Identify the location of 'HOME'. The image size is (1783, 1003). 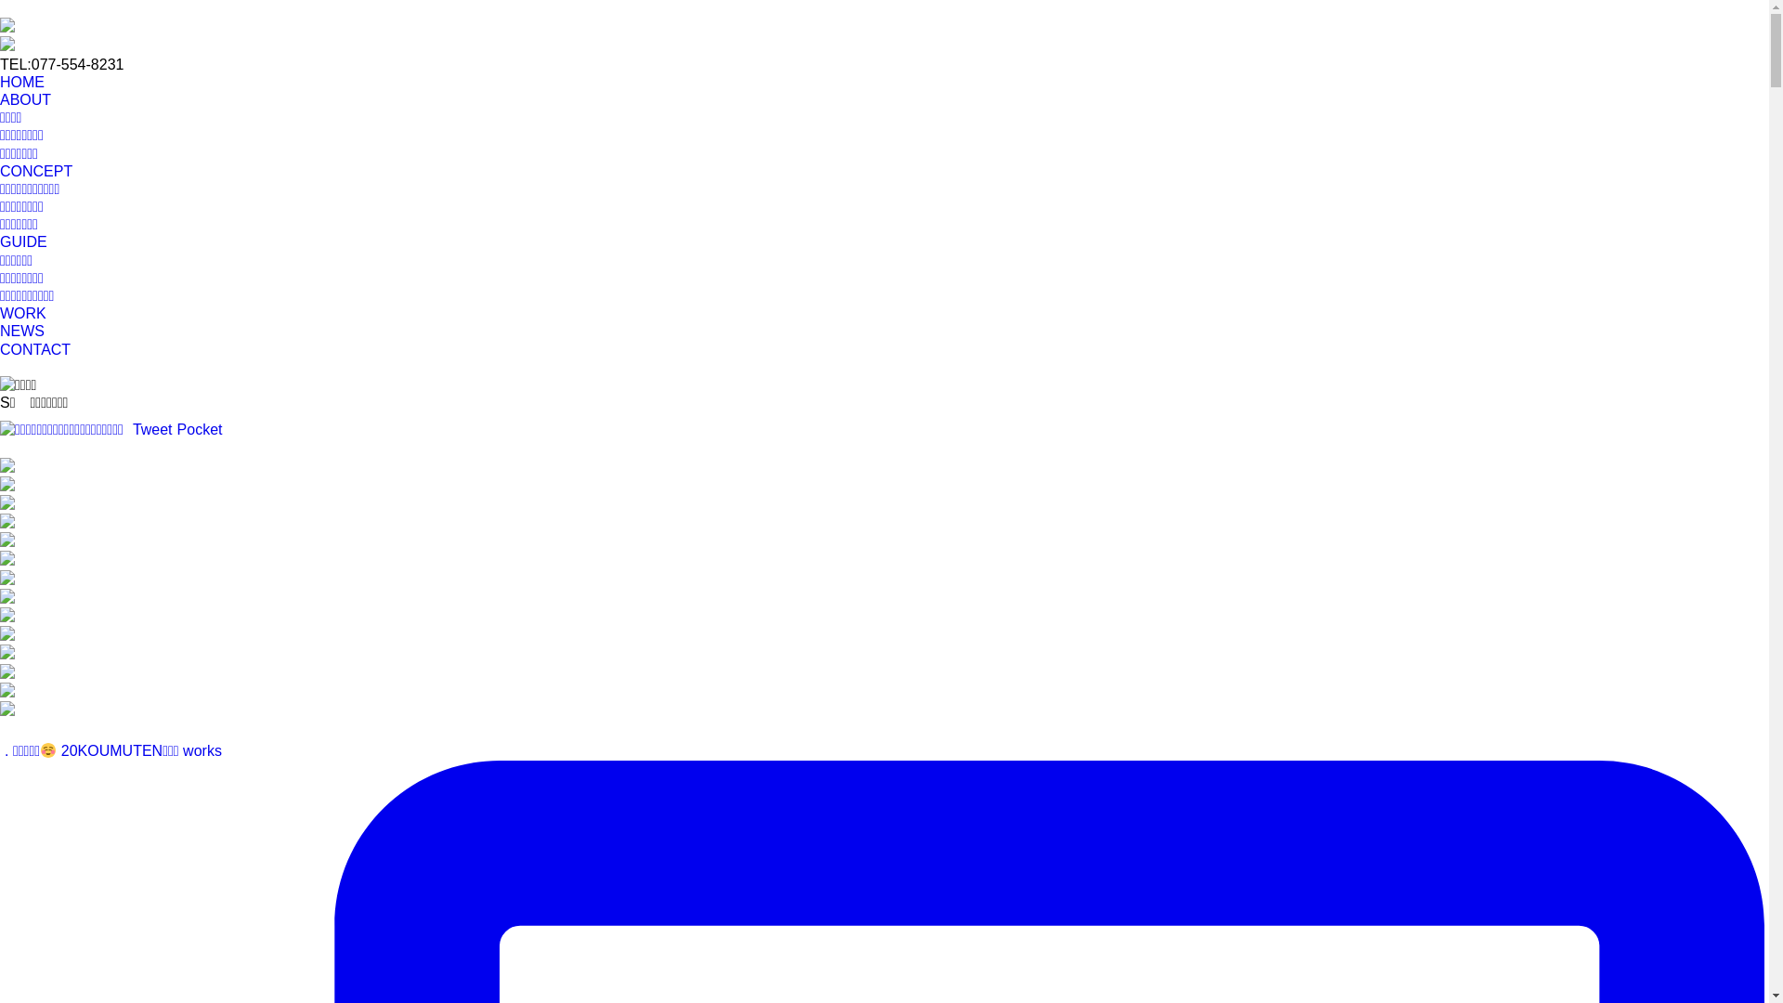
(0, 81).